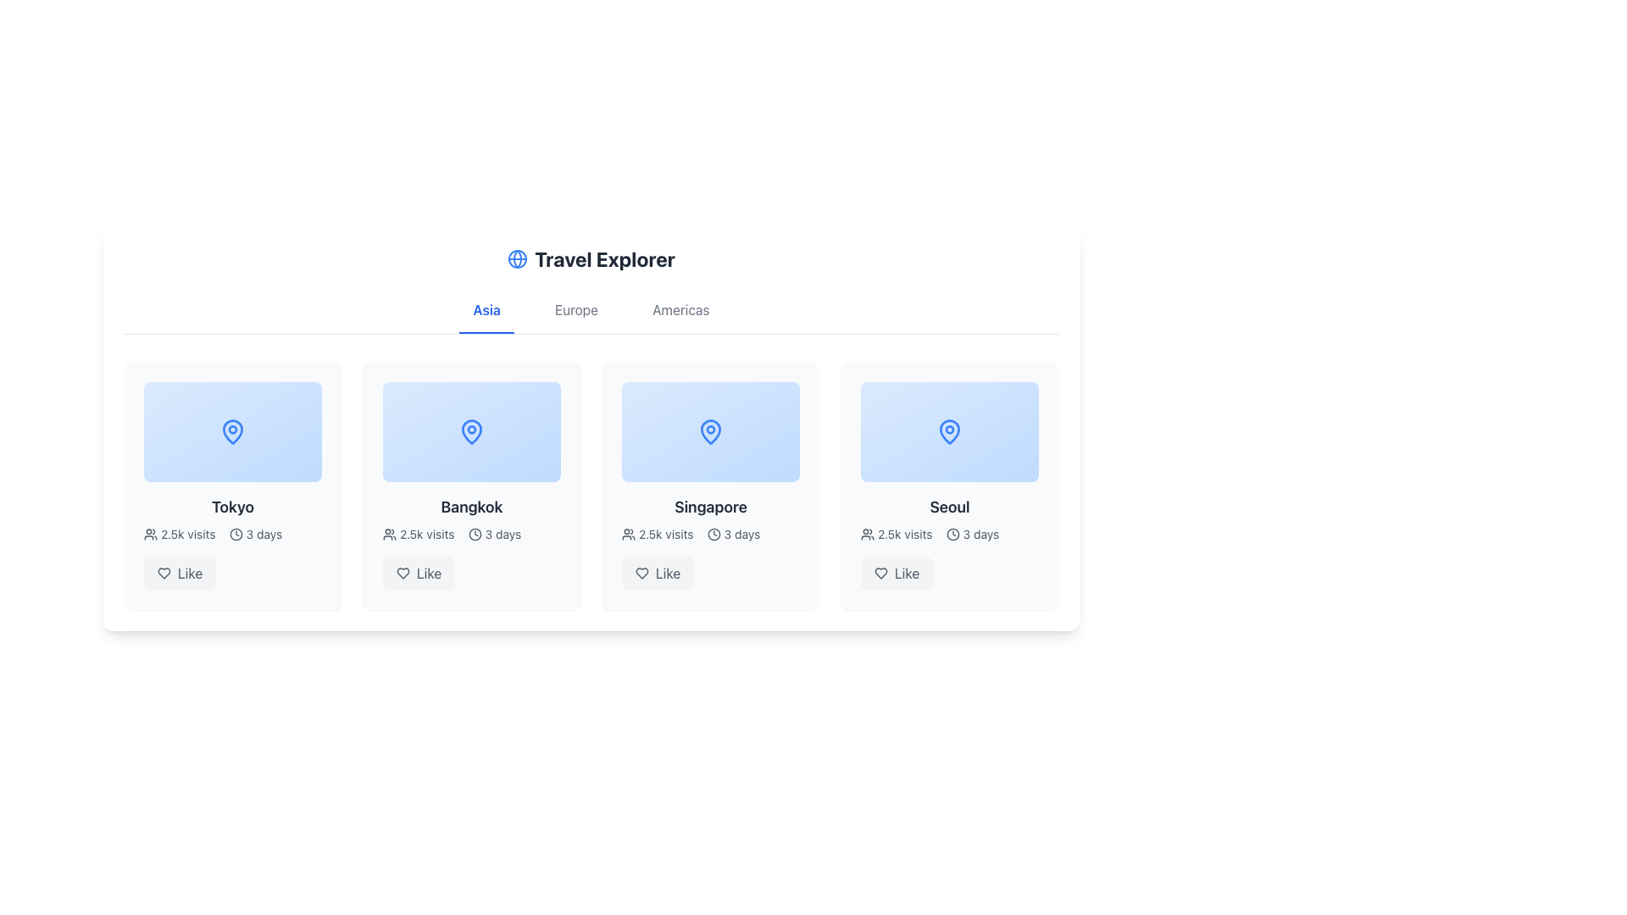  Describe the element at coordinates (950, 535) in the screenshot. I see `displayed meta-information about the location 'Seoul', including the number of visits (2.5k visits) and the duration (3 days), located within the card-like section beneath the title and above the 'Like' button` at that location.